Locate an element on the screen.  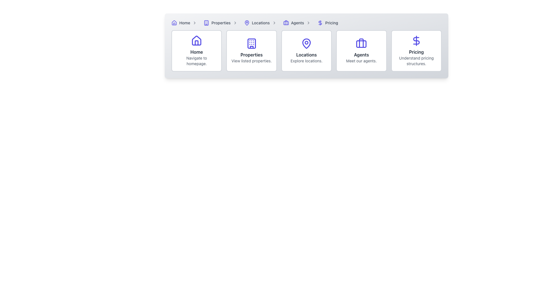
the building-like icon in the 'Properties' section, located in the second navigation card from the left is located at coordinates (251, 43).